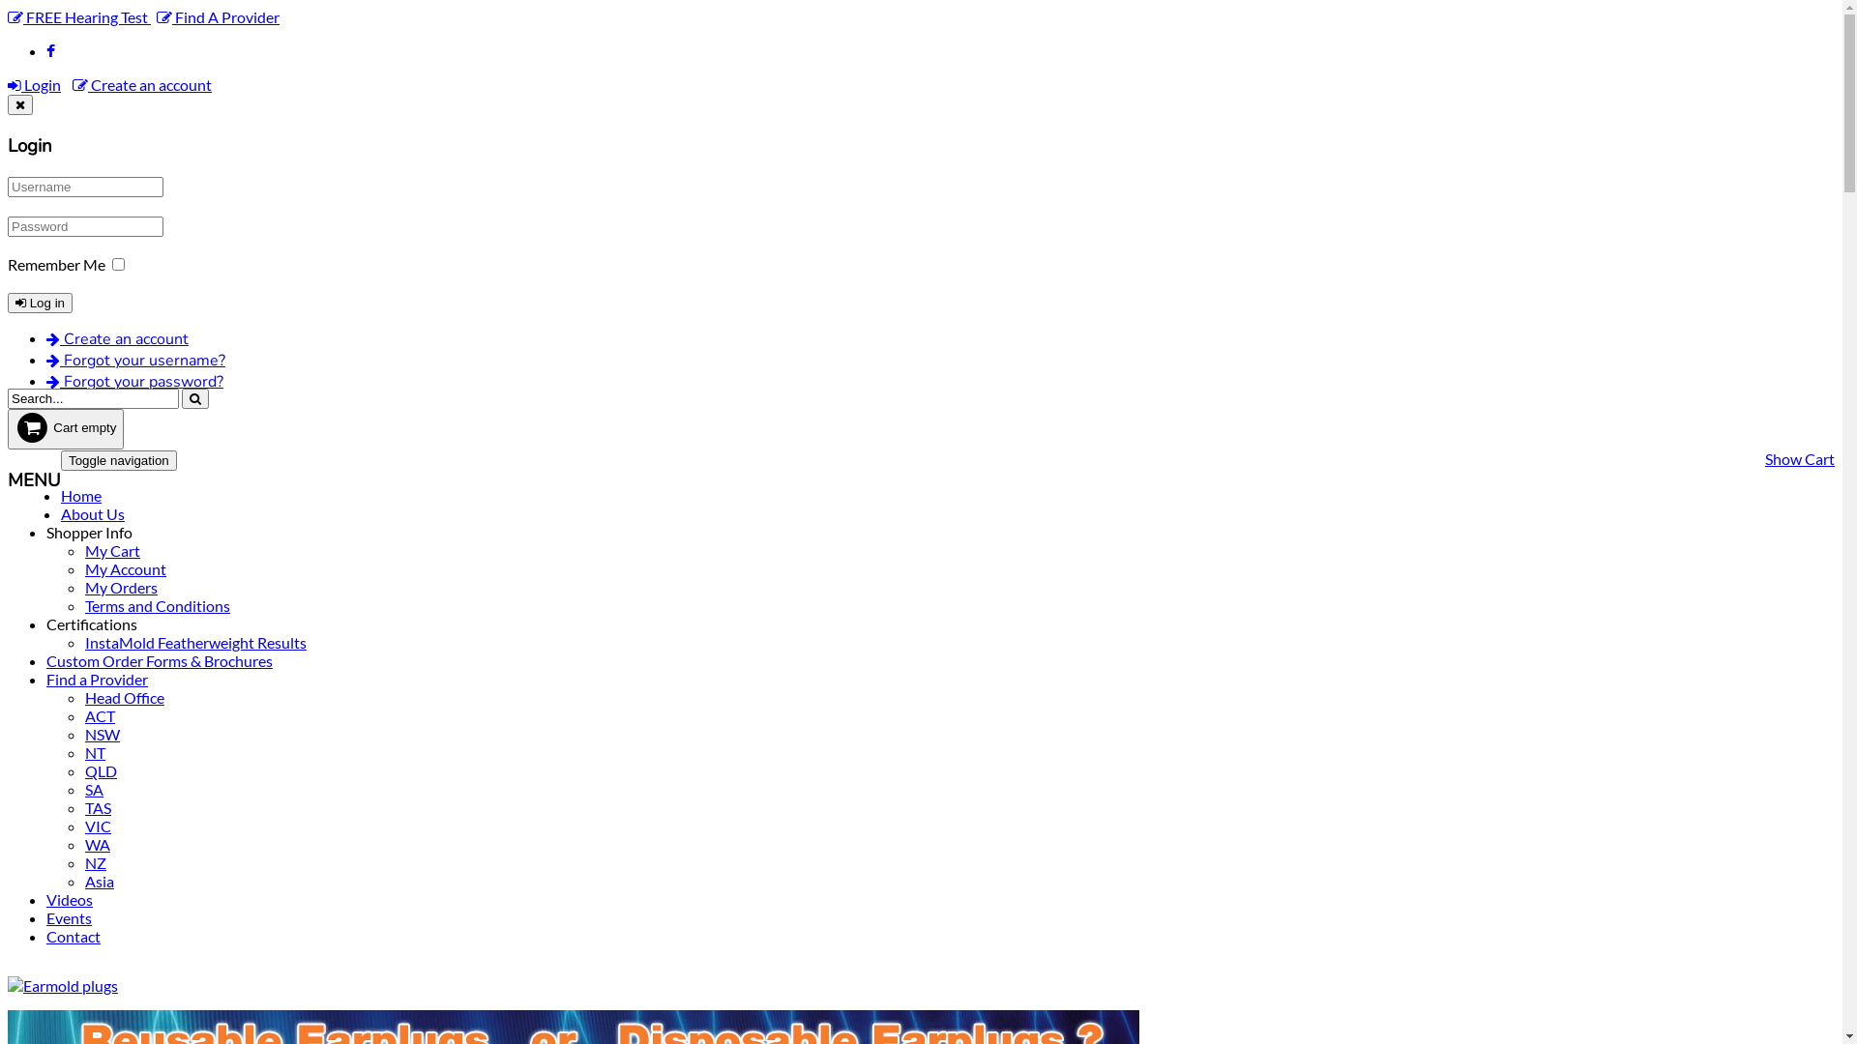  What do you see at coordinates (93, 789) in the screenshot?
I see `'SA'` at bounding box center [93, 789].